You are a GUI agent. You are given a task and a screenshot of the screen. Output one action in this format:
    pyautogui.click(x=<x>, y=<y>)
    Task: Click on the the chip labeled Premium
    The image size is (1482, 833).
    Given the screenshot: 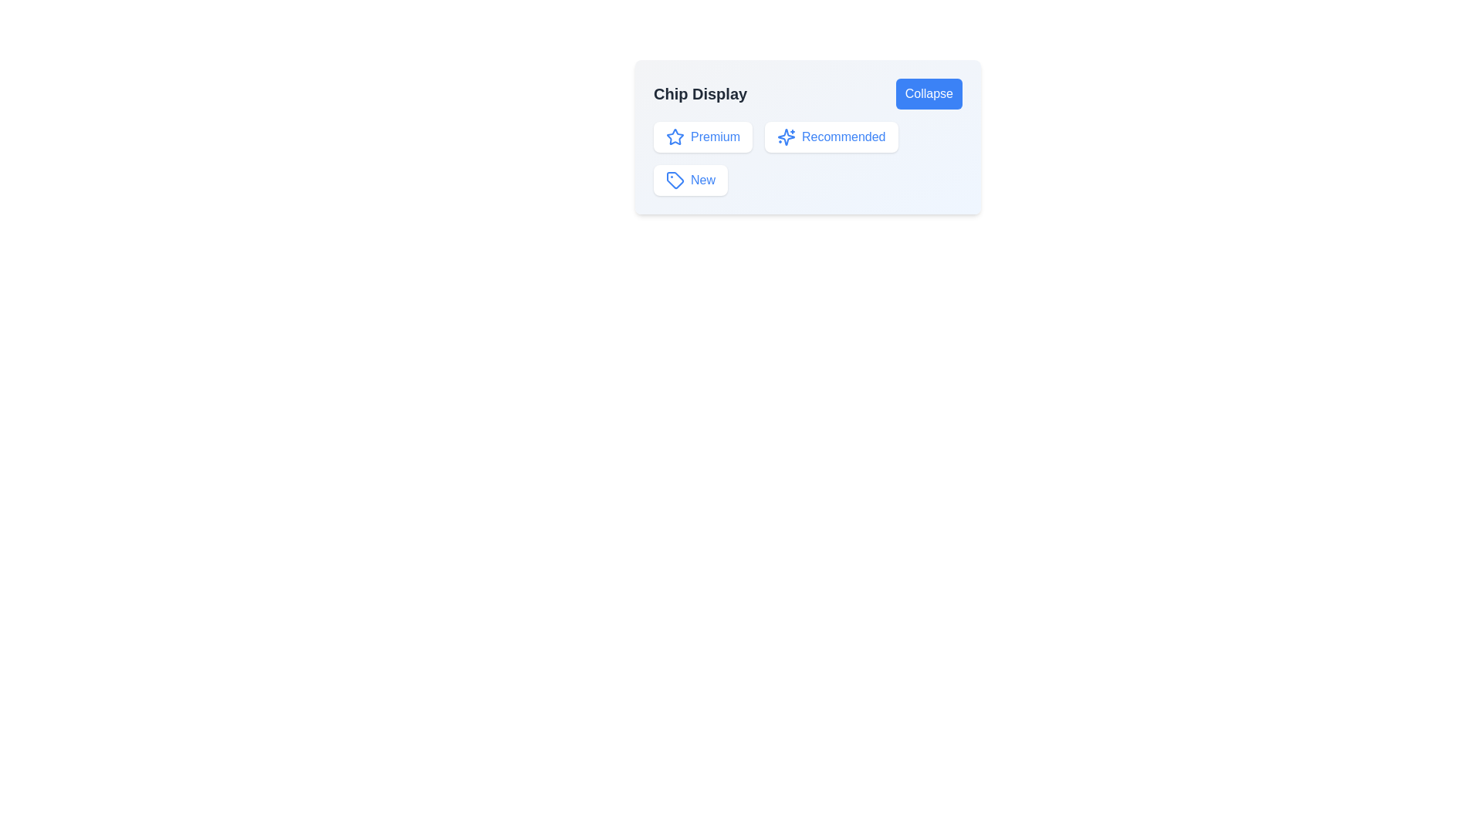 What is the action you would take?
    pyautogui.click(x=702, y=136)
    